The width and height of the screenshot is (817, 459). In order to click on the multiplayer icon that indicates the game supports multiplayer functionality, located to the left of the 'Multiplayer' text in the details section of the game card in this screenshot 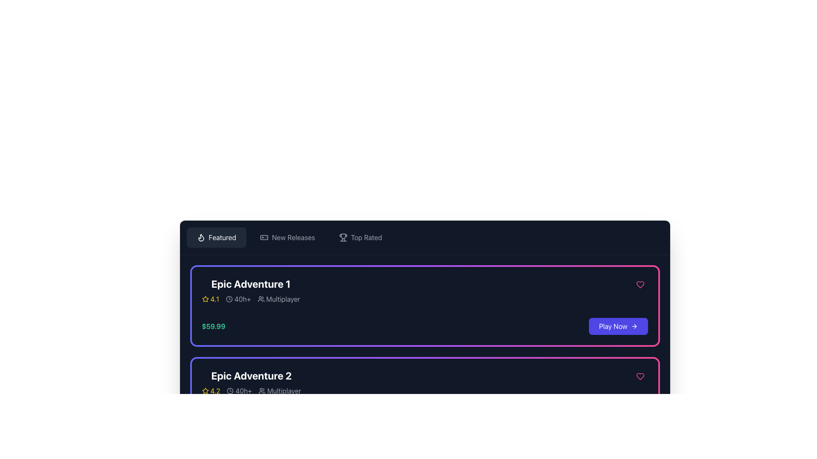, I will do `click(261, 391)`.